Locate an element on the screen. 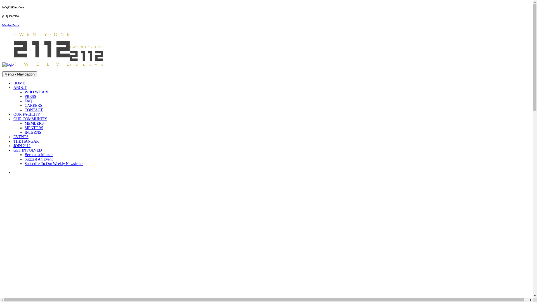 This screenshot has height=302, width=537. 'HOME' is located at coordinates (19, 83).